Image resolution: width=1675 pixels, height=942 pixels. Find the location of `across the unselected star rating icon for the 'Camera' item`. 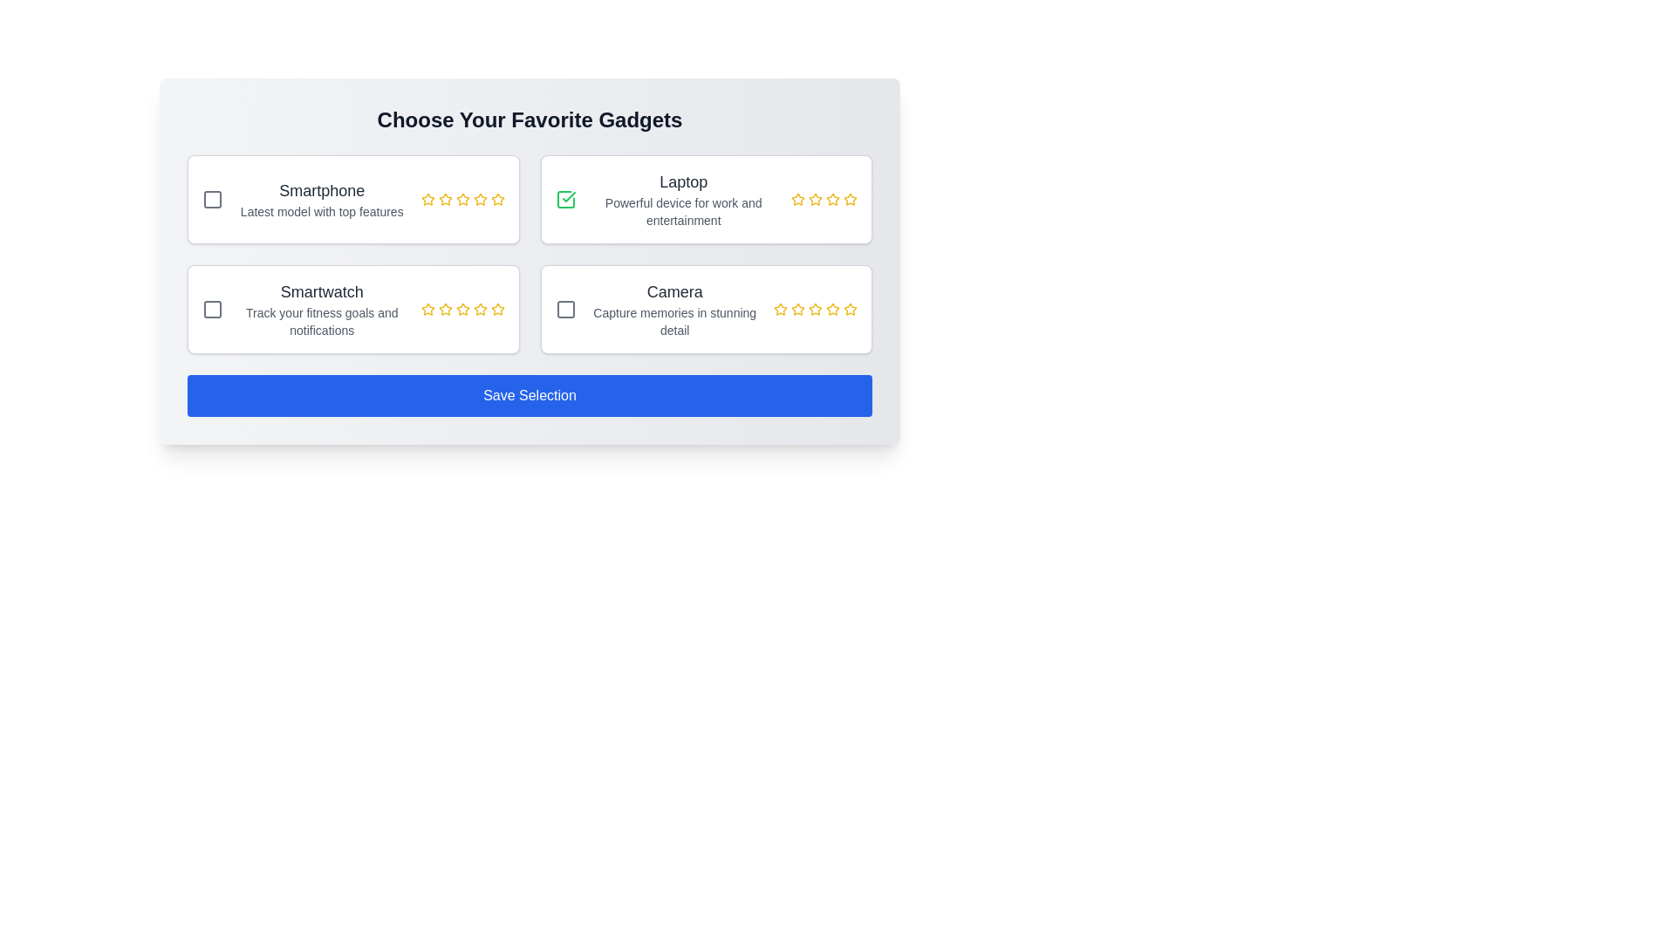

across the unselected star rating icon for the 'Camera' item is located at coordinates (779, 308).